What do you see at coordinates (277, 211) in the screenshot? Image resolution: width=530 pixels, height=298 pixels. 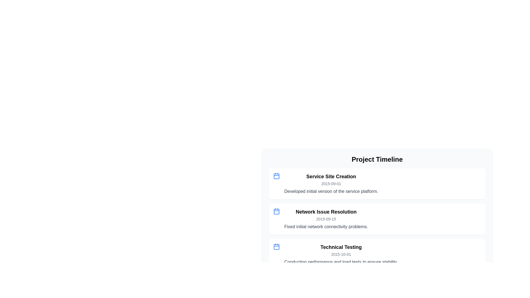 I see `the calendar icon (SVG graphic) representing the 'Network Issue Resolution' in the second row of the 'Project Timeline', styled in red` at bounding box center [277, 211].